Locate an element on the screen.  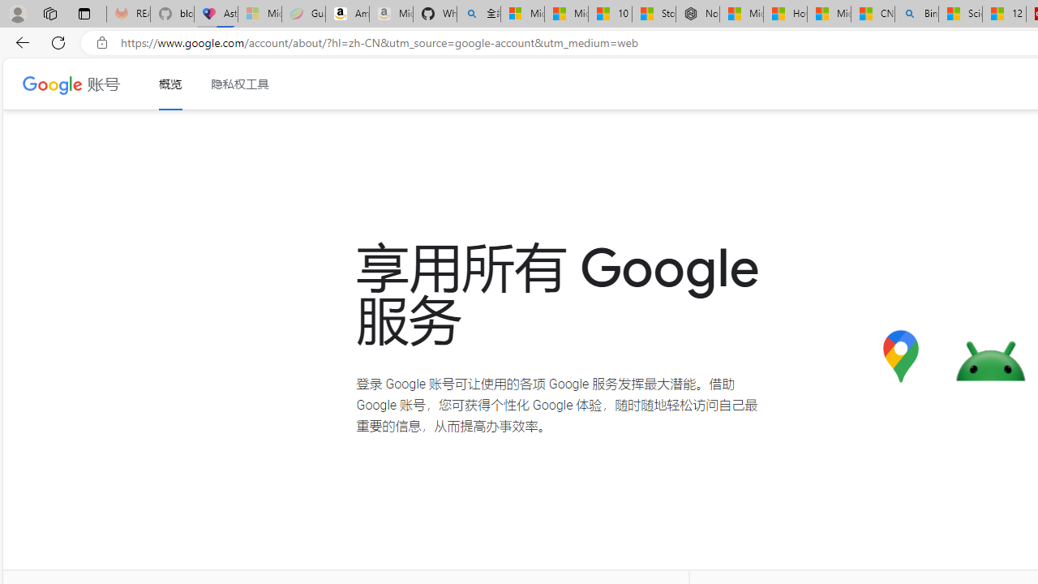
'Asthma Inhalers: Names and Types' is located at coordinates (215, 14).